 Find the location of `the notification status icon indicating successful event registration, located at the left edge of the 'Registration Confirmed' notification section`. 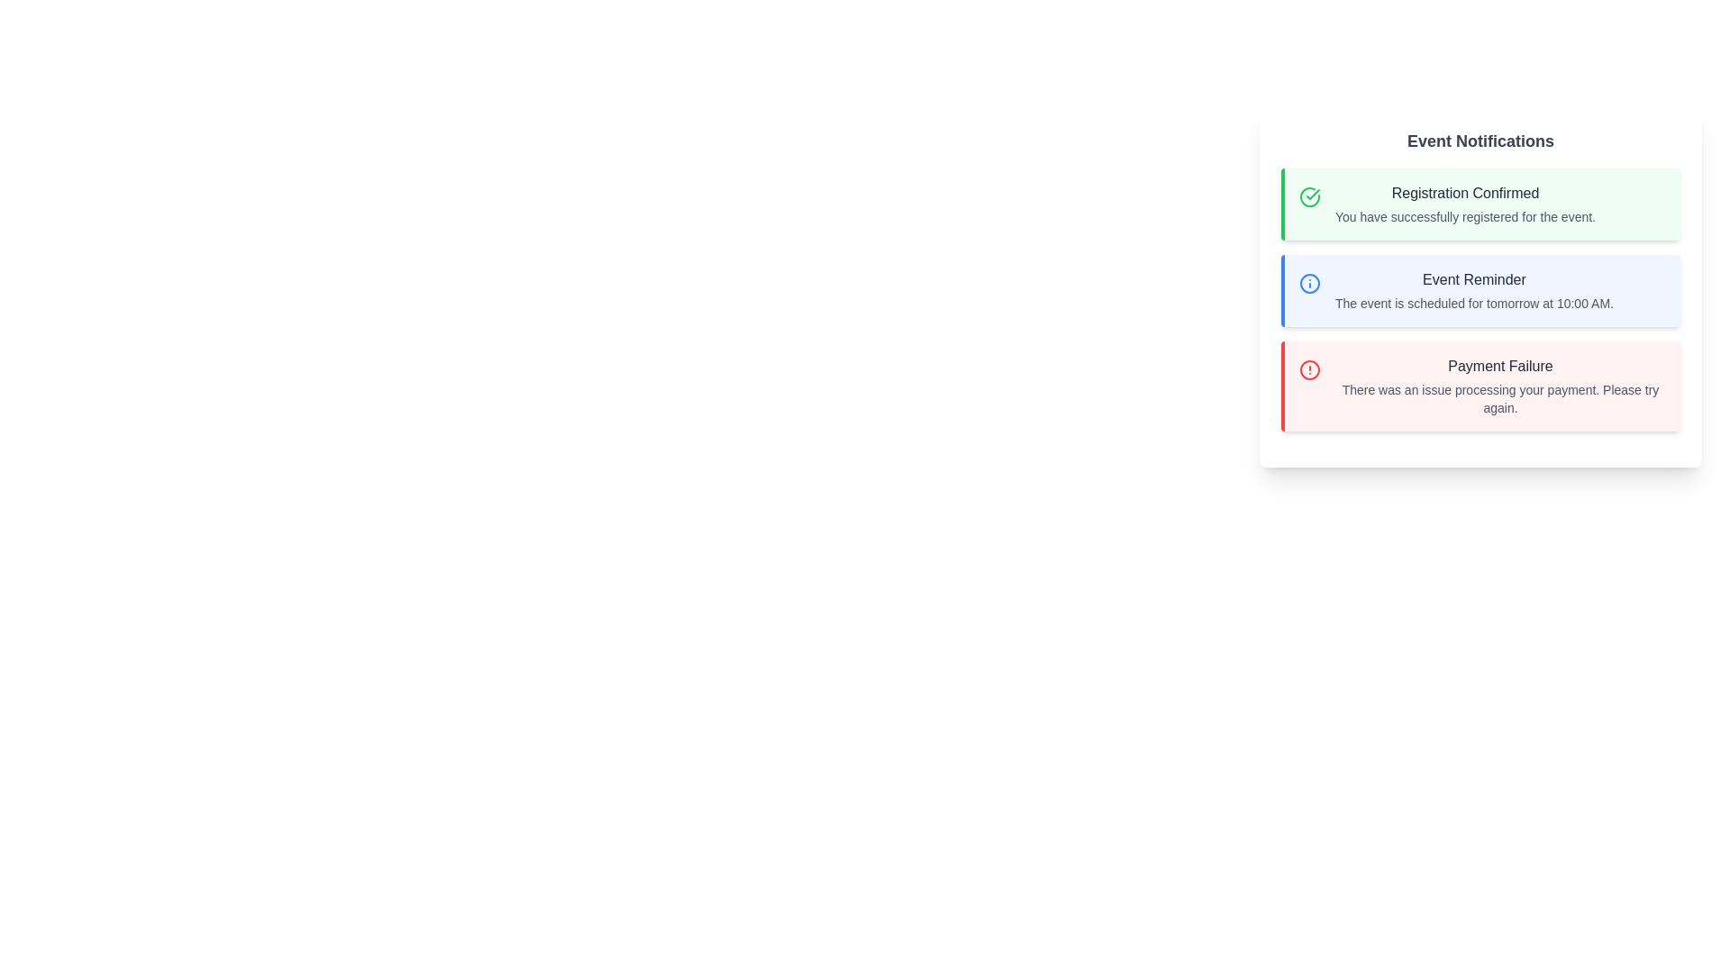

the notification status icon indicating successful event registration, located at the left edge of the 'Registration Confirmed' notification section is located at coordinates (1310, 197).